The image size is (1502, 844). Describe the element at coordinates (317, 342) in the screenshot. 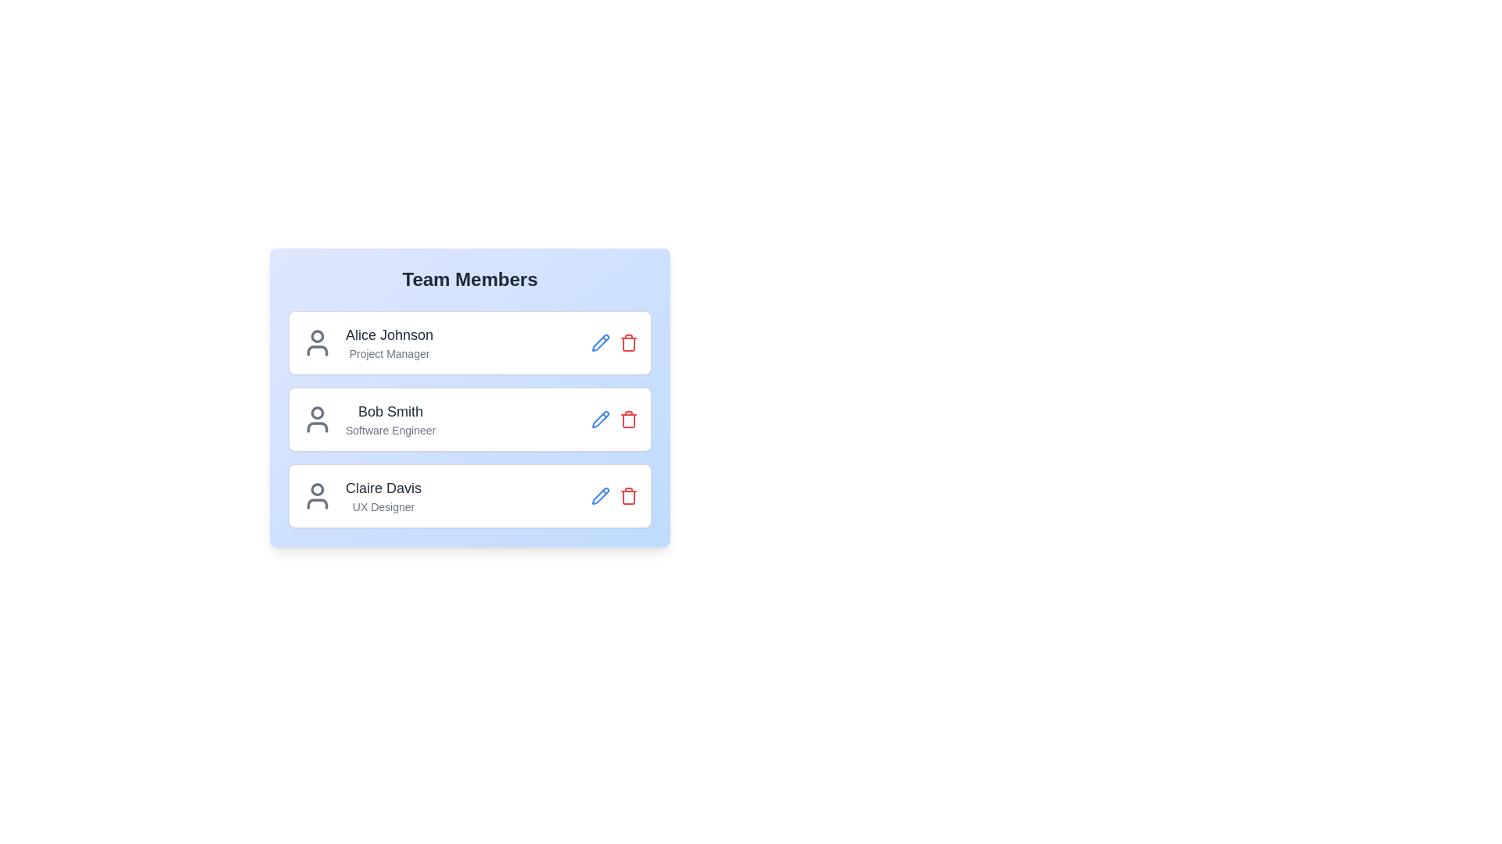

I see `the user icon for the team member Alice Johnson` at that location.